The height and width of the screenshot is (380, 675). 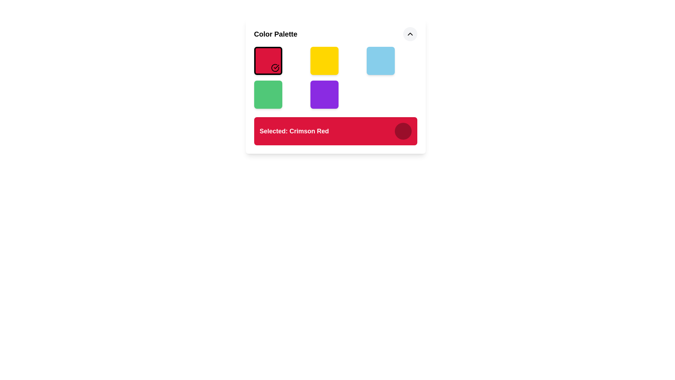 What do you see at coordinates (324, 61) in the screenshot?
I see `the yellow square with rounded corners` at bounding box center [324, 61].